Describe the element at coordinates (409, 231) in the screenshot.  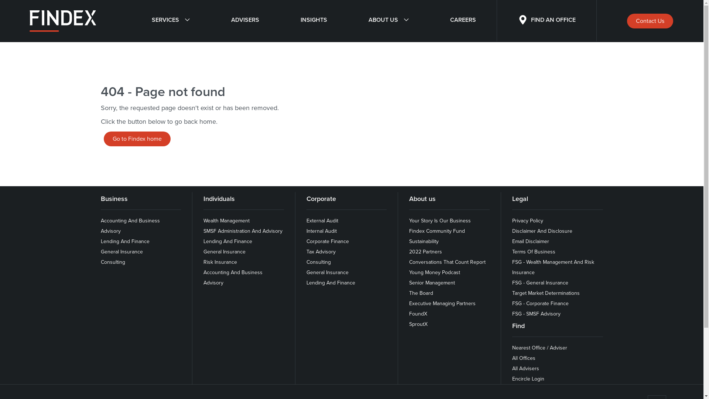
I see `'Findex Community Fund'` at that location.